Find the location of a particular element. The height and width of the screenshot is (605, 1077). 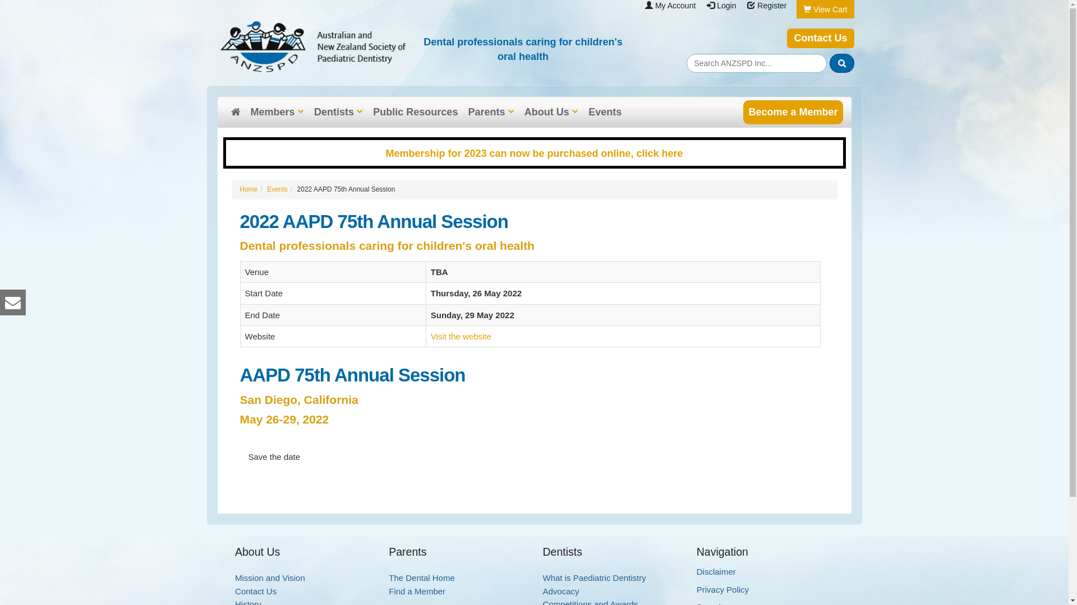

'Advocacy' is located at coordinates (561, 590).